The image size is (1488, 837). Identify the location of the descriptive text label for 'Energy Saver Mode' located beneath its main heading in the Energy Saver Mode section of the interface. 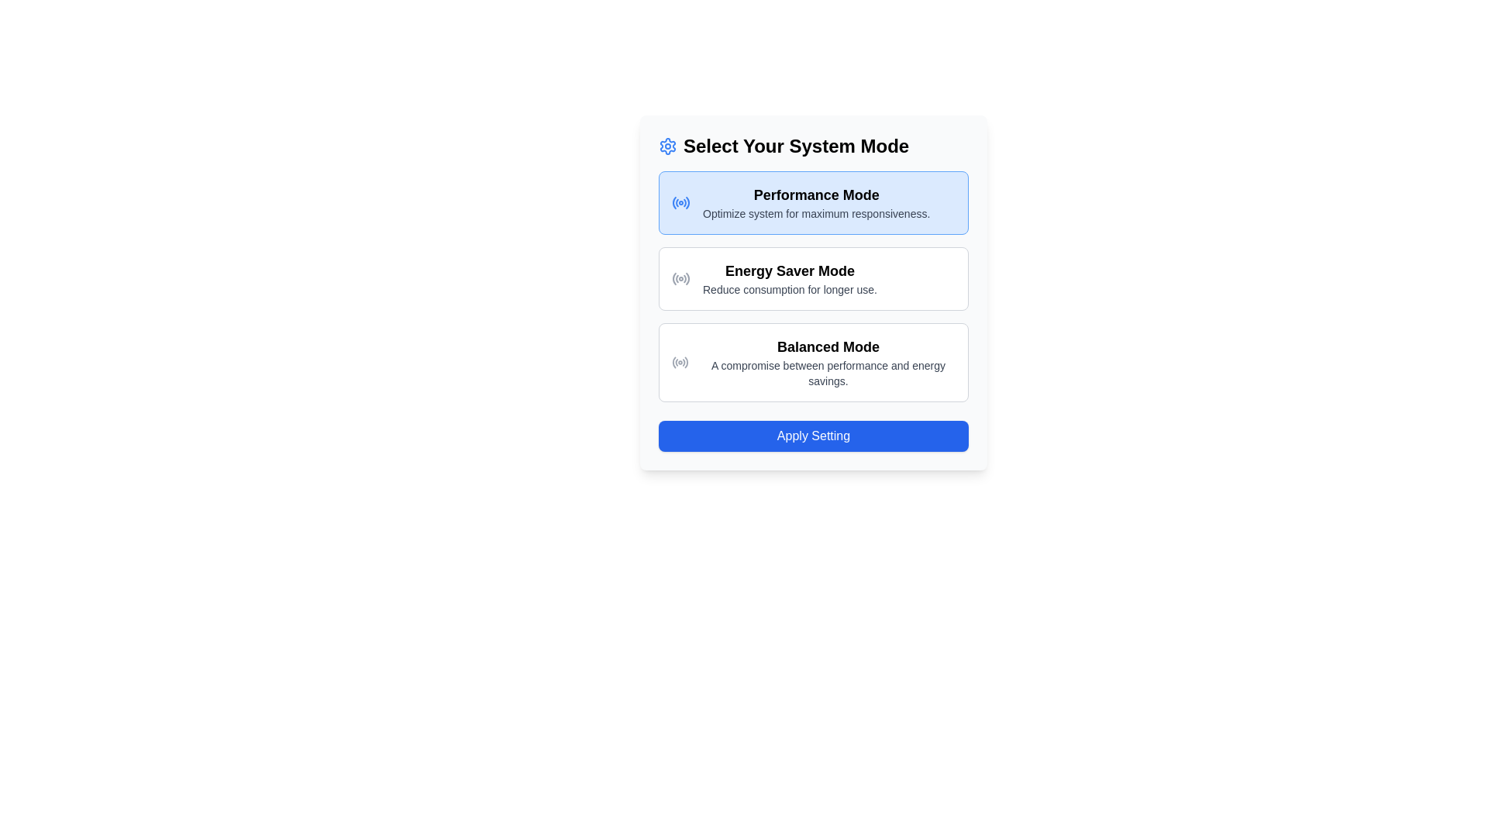
(790, 290).